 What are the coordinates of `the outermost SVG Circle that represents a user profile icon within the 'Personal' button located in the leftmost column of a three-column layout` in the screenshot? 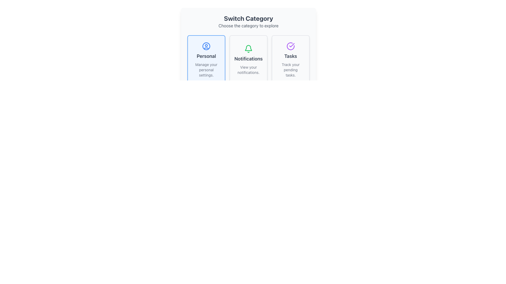 It's located at (206, 46).